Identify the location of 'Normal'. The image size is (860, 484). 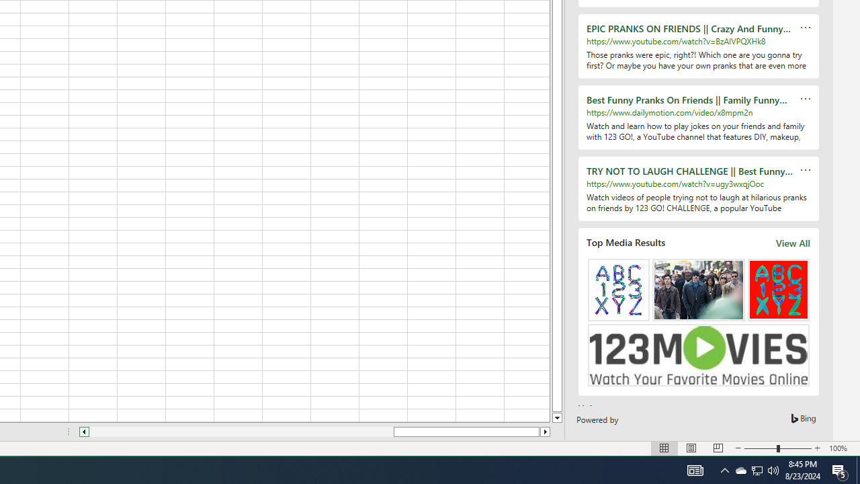
(664, 448).